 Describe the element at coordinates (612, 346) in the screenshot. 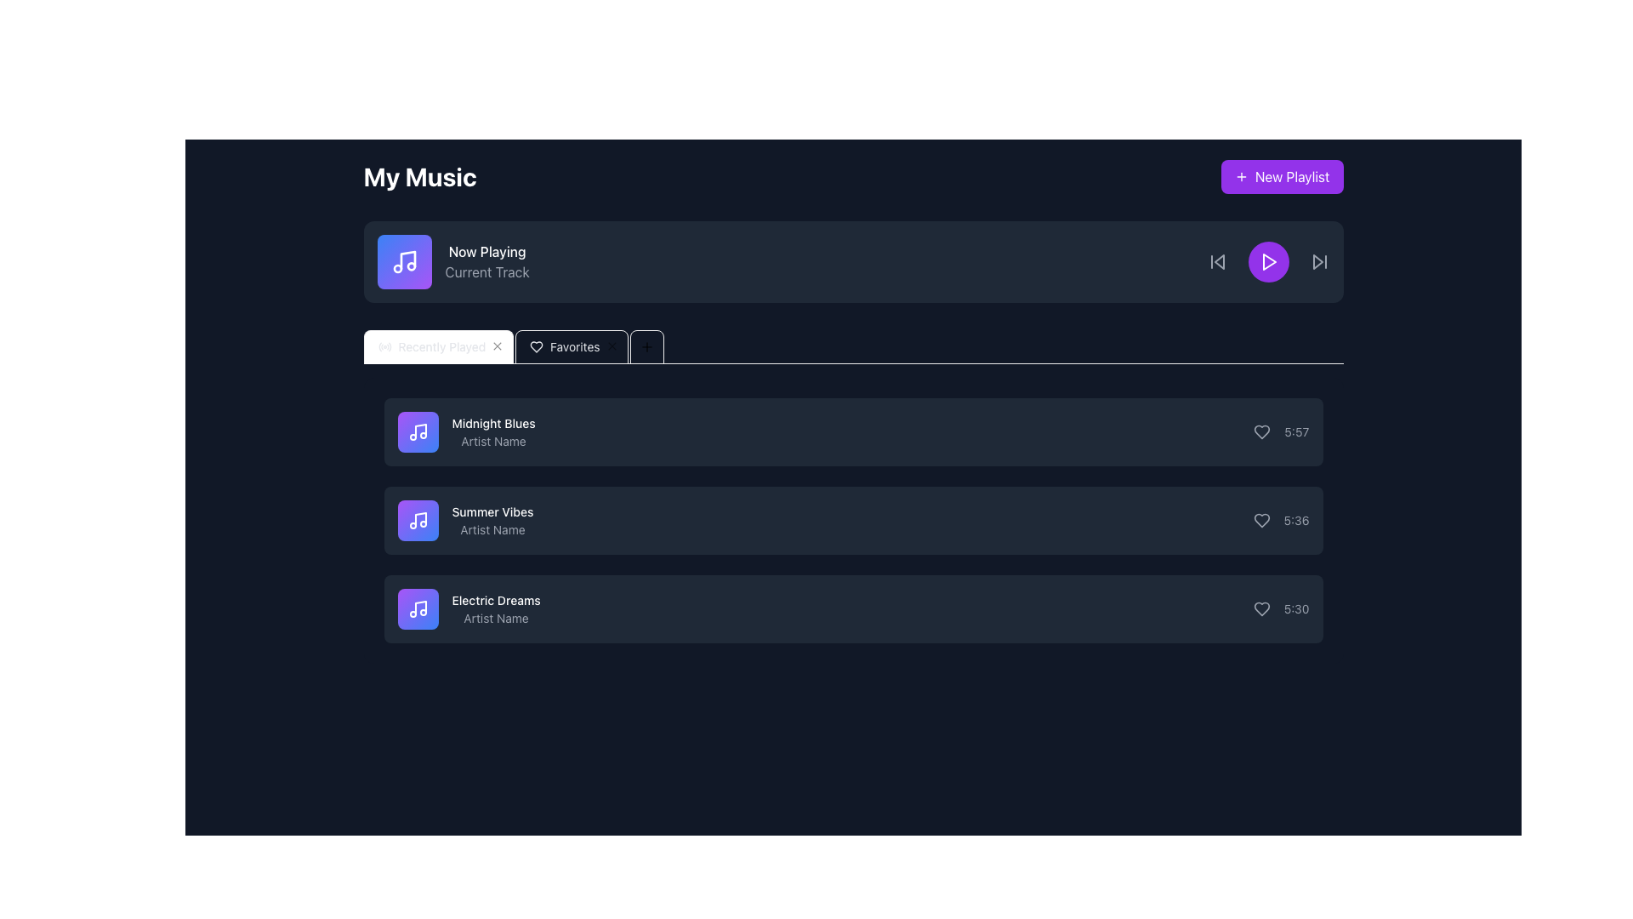

I see `the 'close' button of the 'Favorites' tab` at that location.